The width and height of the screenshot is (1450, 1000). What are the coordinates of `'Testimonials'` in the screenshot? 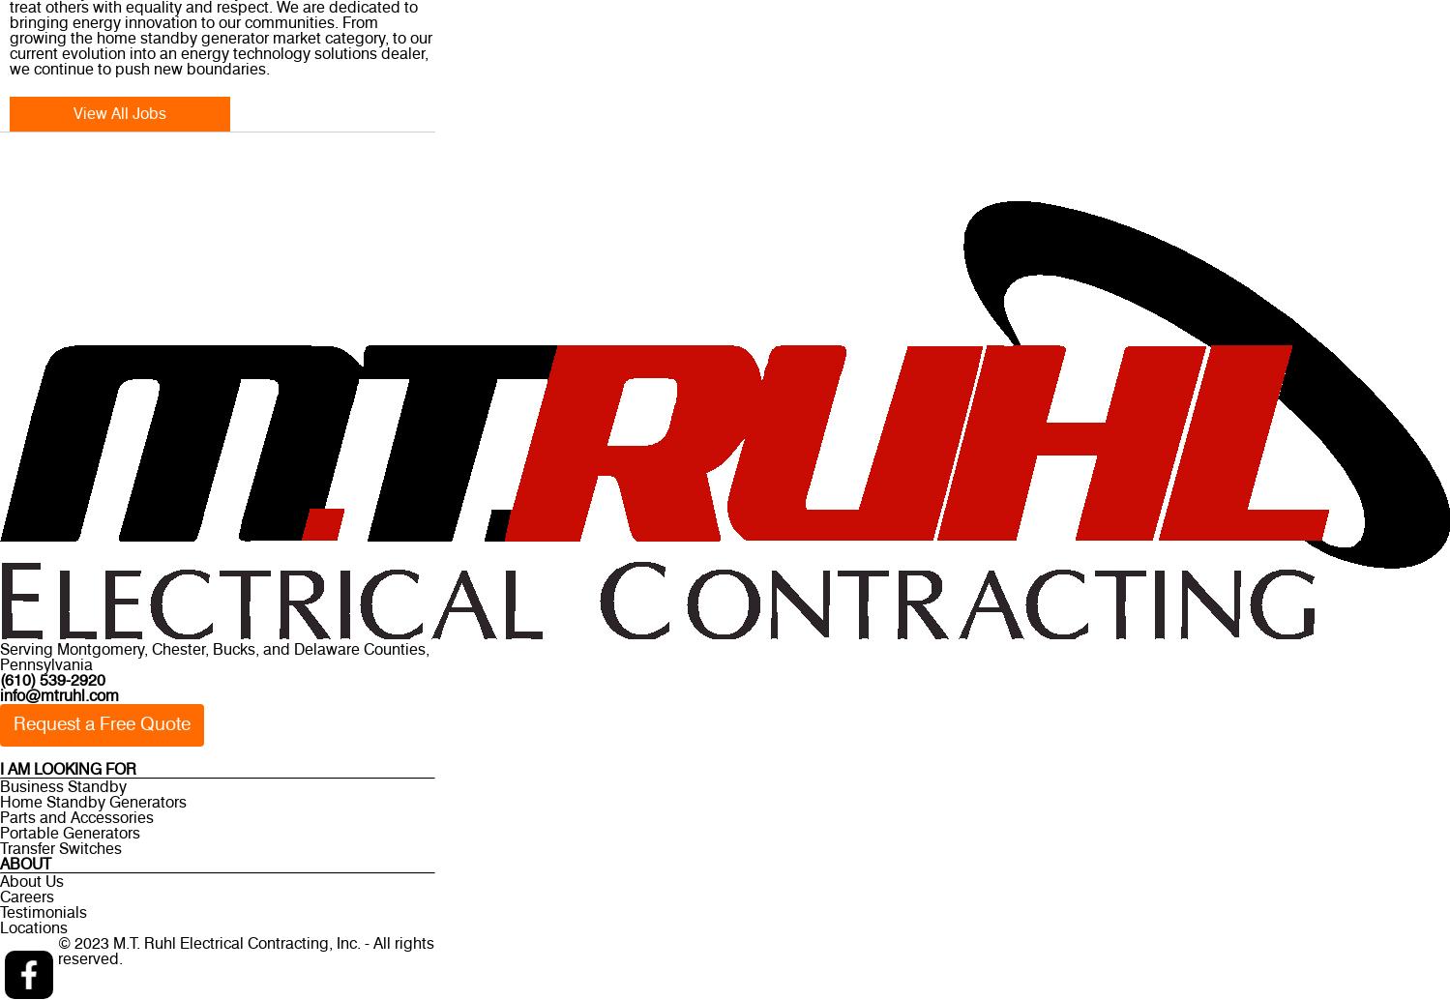 It's located at (0, 912).